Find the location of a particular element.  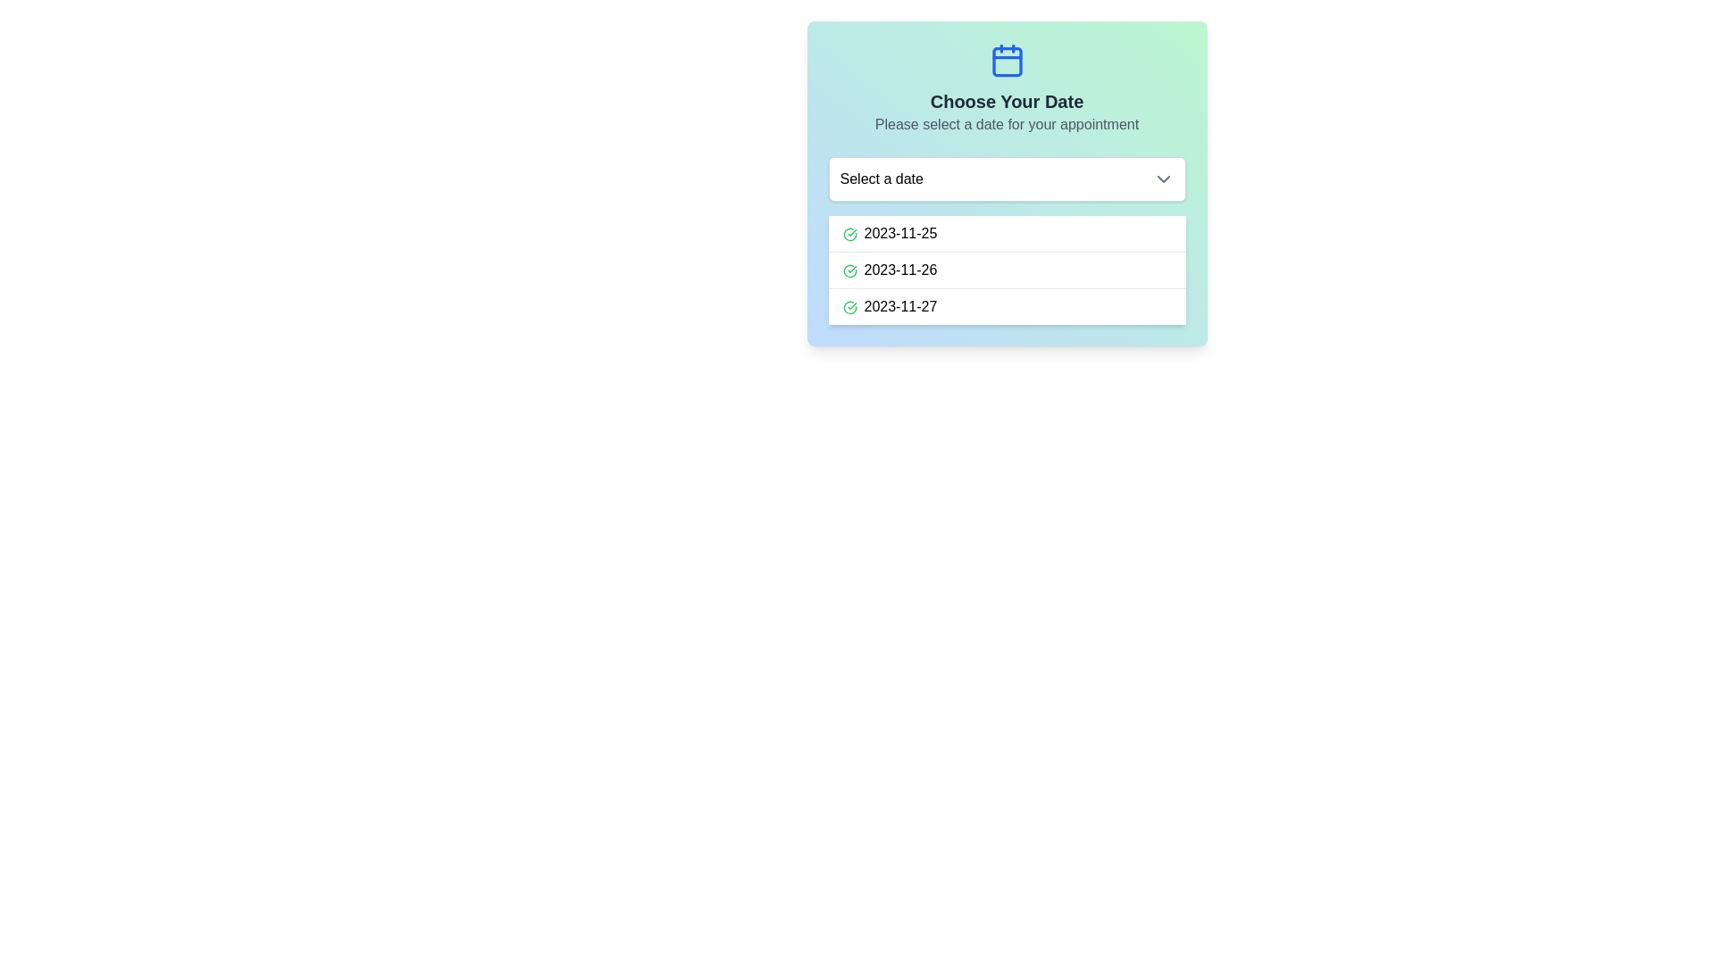

circular green checkmark icon located to the left of the text '2023-11-25' in the date selection interface for additional information is located at coordinates (849, 233).